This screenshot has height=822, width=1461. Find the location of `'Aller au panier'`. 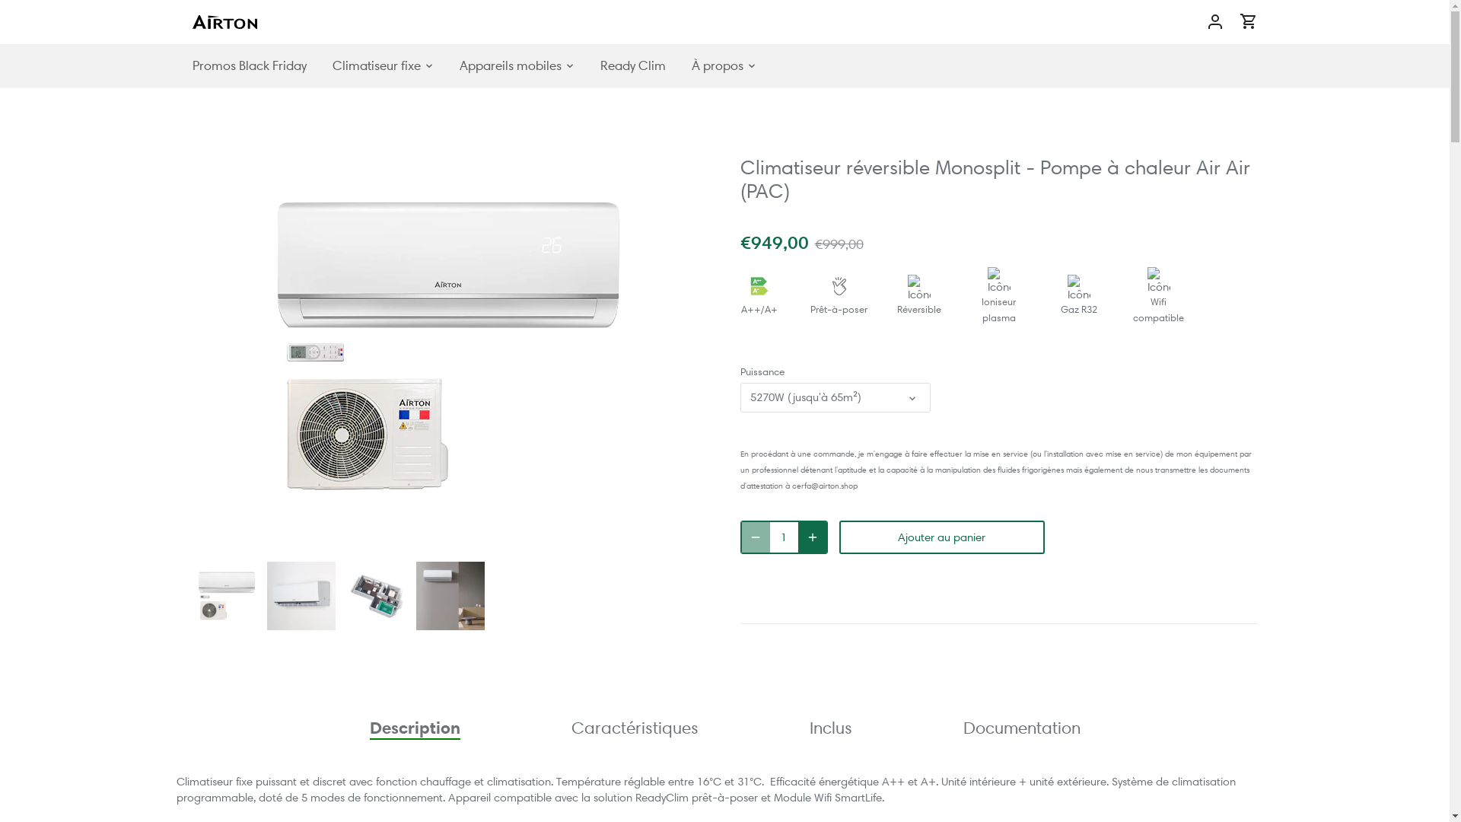

'Aller au panier' is located at coordinates (1248, 21).